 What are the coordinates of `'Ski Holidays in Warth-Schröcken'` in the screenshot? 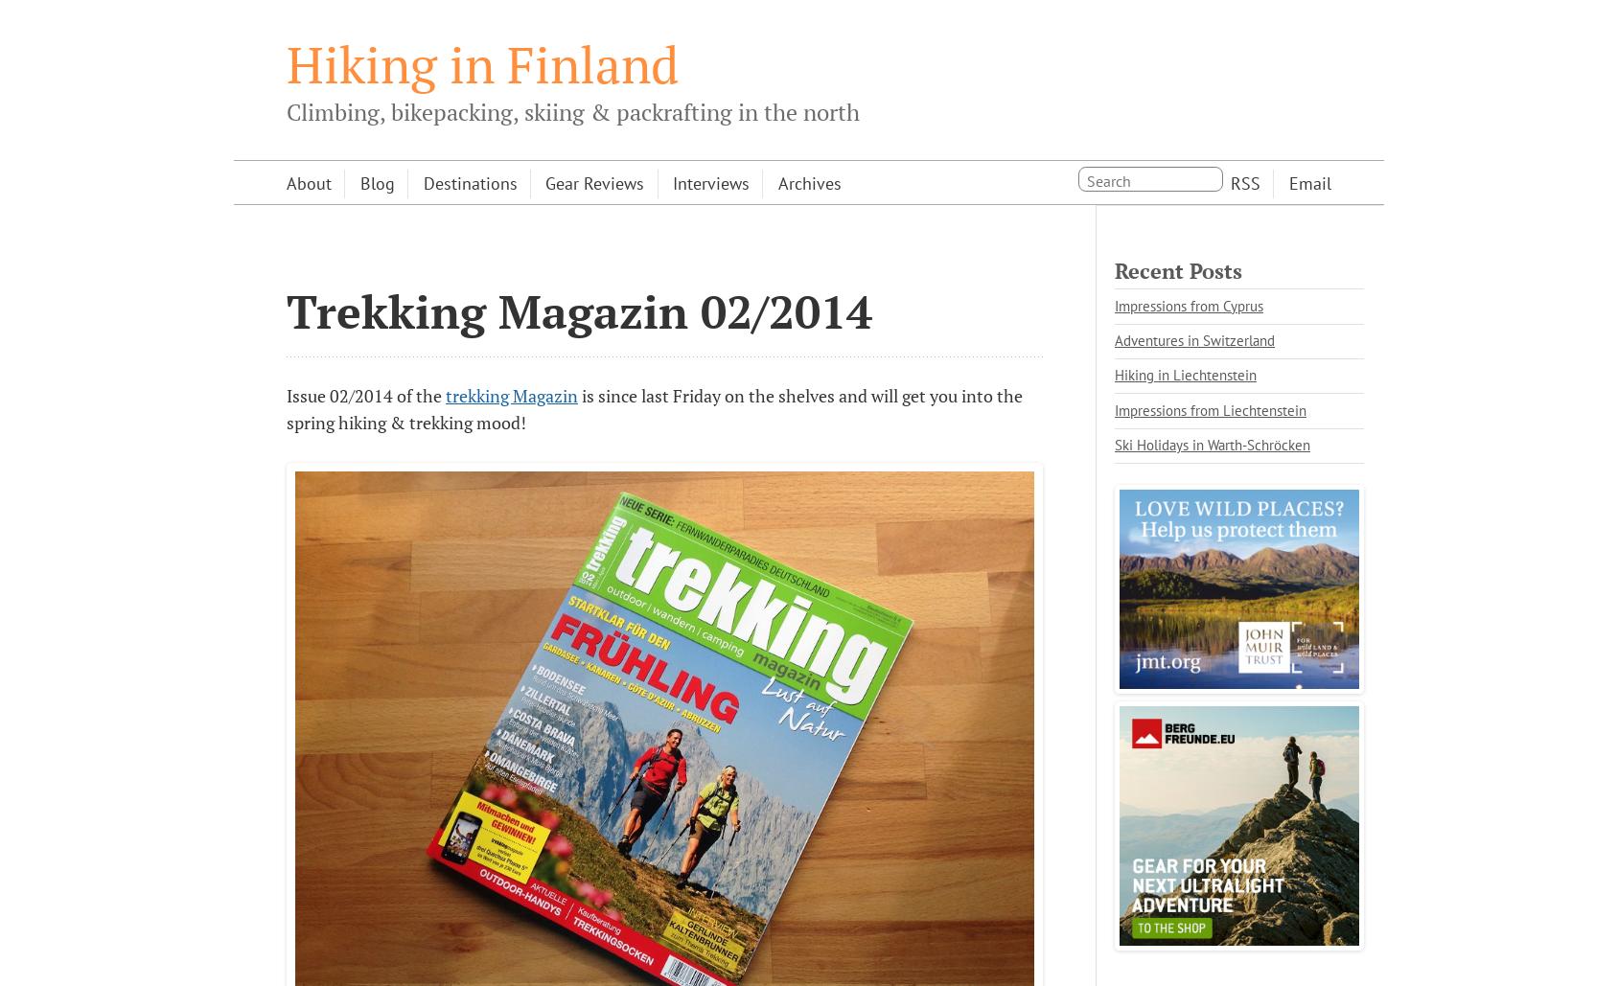 It's located at (1212, 444).